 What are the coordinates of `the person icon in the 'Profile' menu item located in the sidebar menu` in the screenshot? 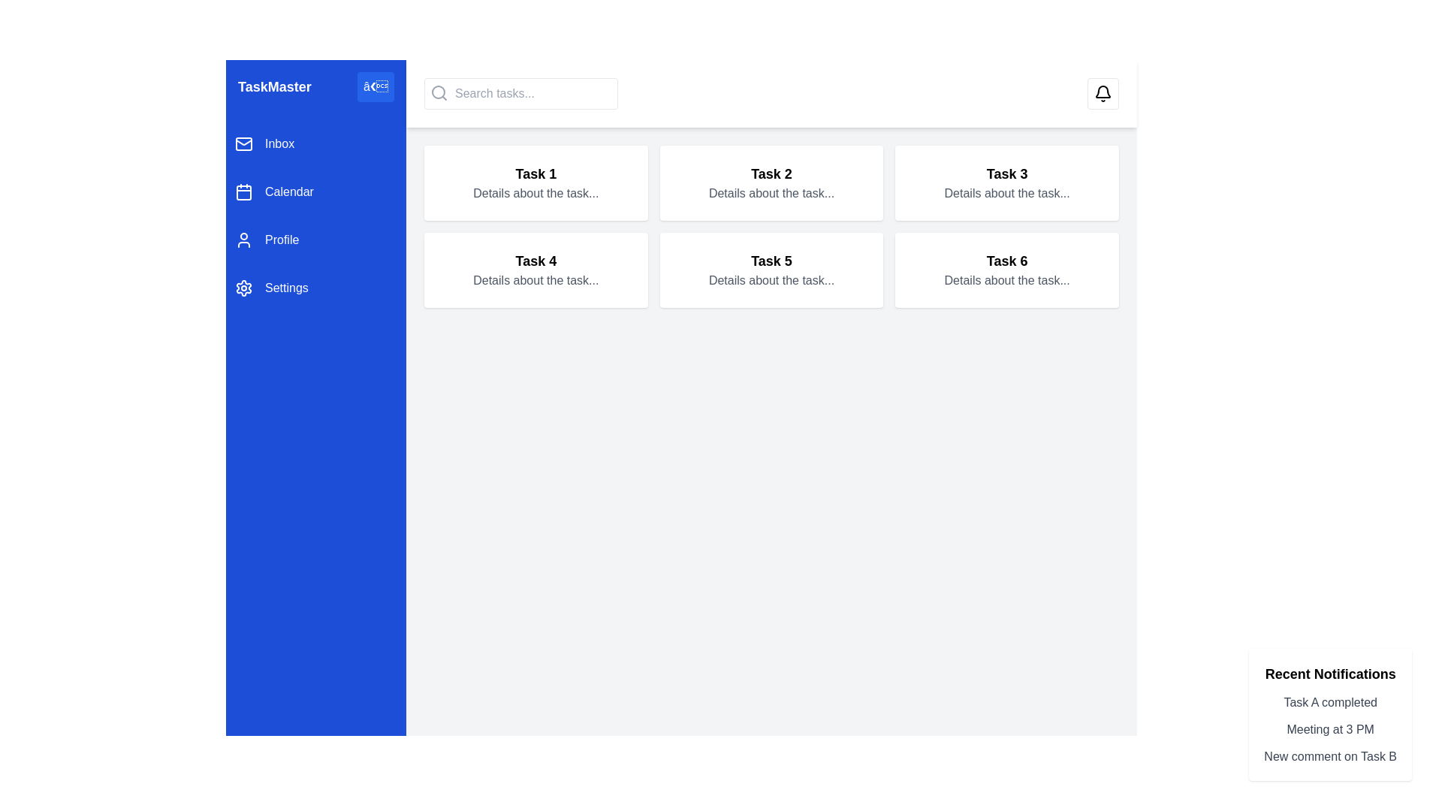 It's located at (244, 240).